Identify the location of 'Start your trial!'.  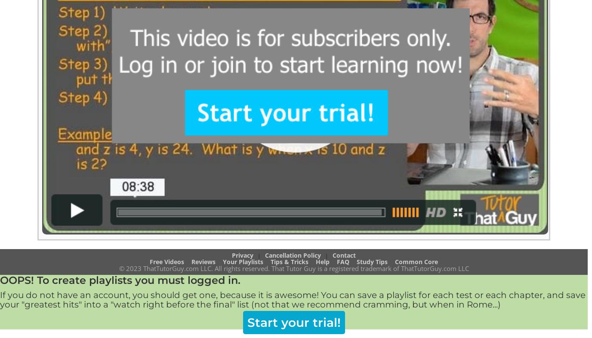
(293, 322).